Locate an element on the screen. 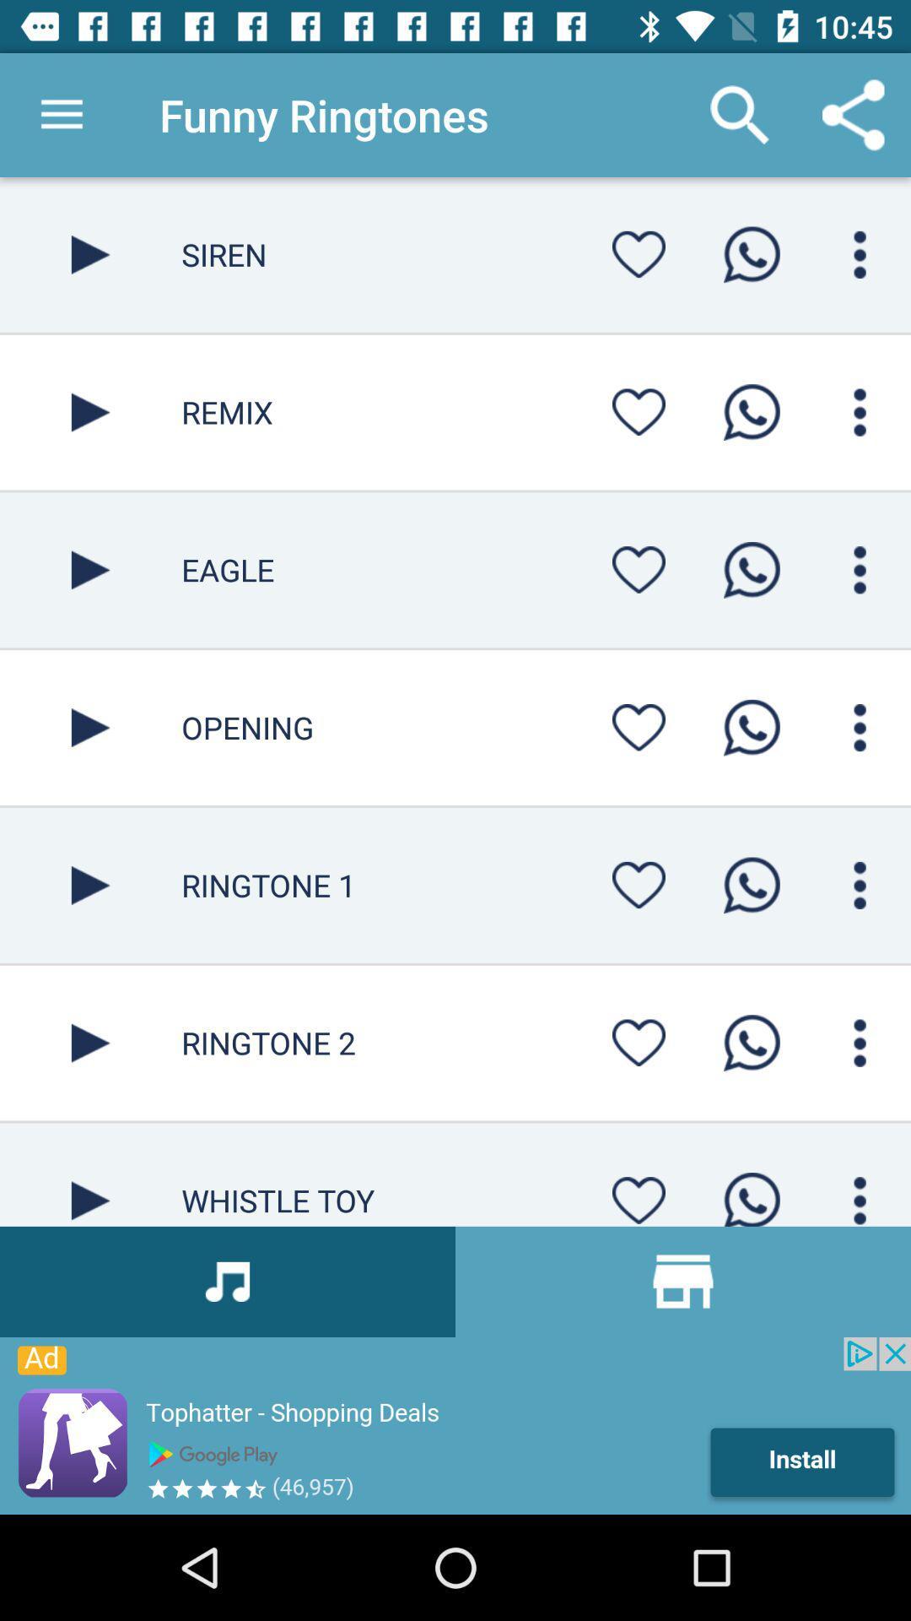 The height and width of the screenshot is (1621, 911). menu selection is located at coordinates (860, 570).